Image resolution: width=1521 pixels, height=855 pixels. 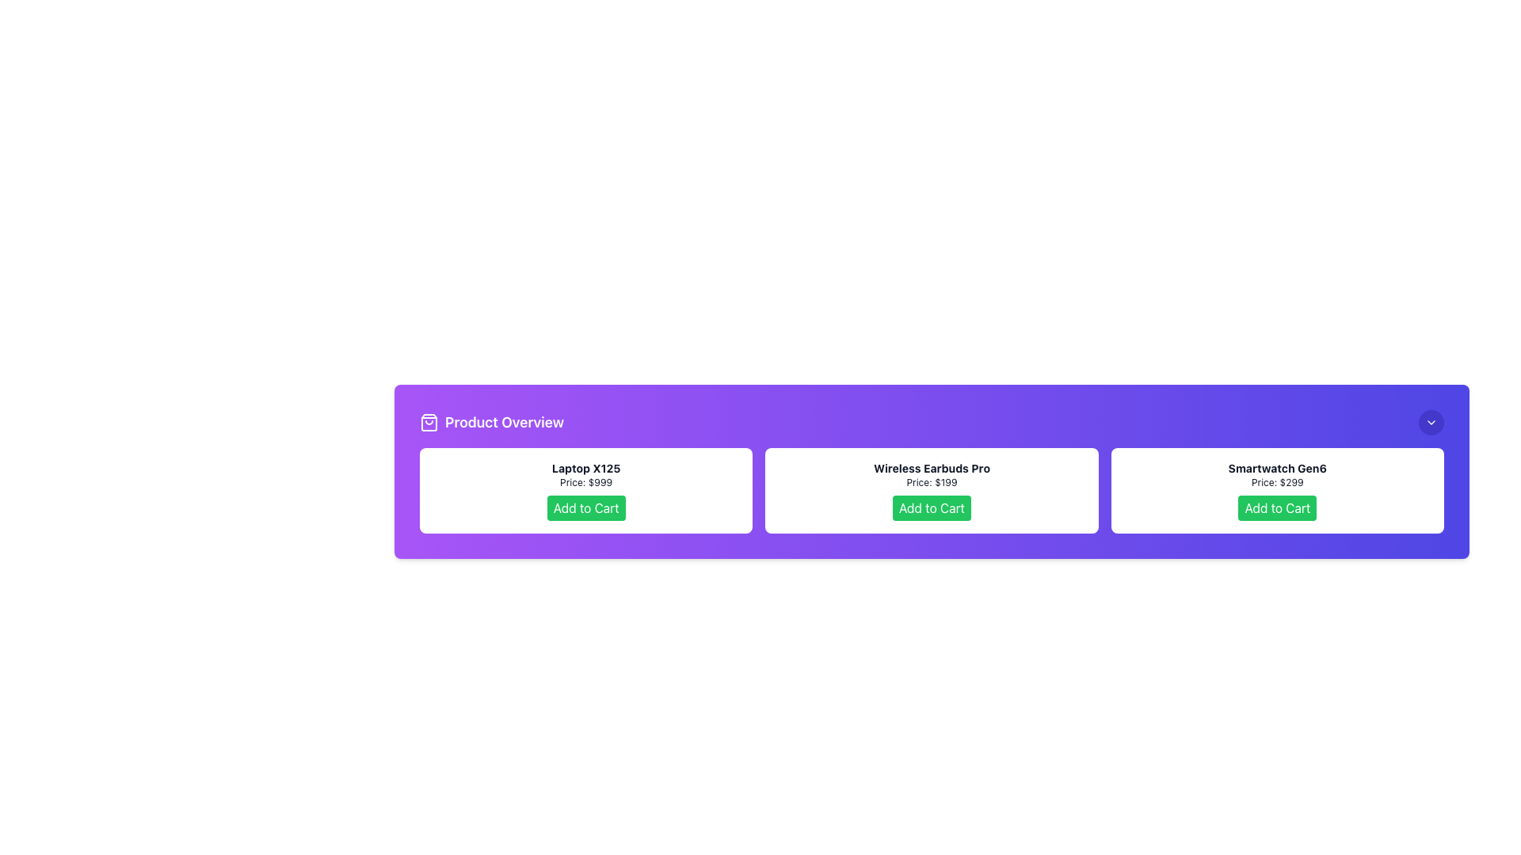 I want to click on the circular indigo button with a white downward-pointing chevron icon located in the top-right corner of the 'Product Overview' section, so click(x=1431, y=421).